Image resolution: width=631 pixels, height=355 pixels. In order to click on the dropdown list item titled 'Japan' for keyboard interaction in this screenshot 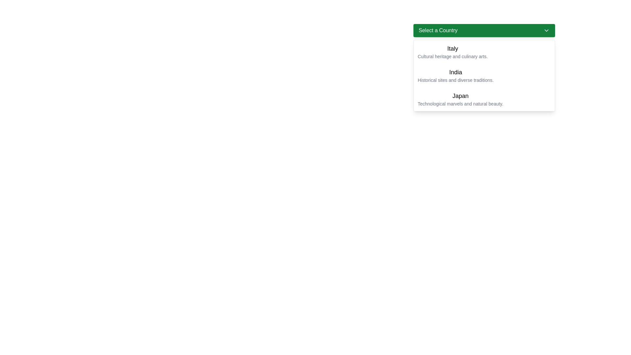, I will do `click(484, 99)`.